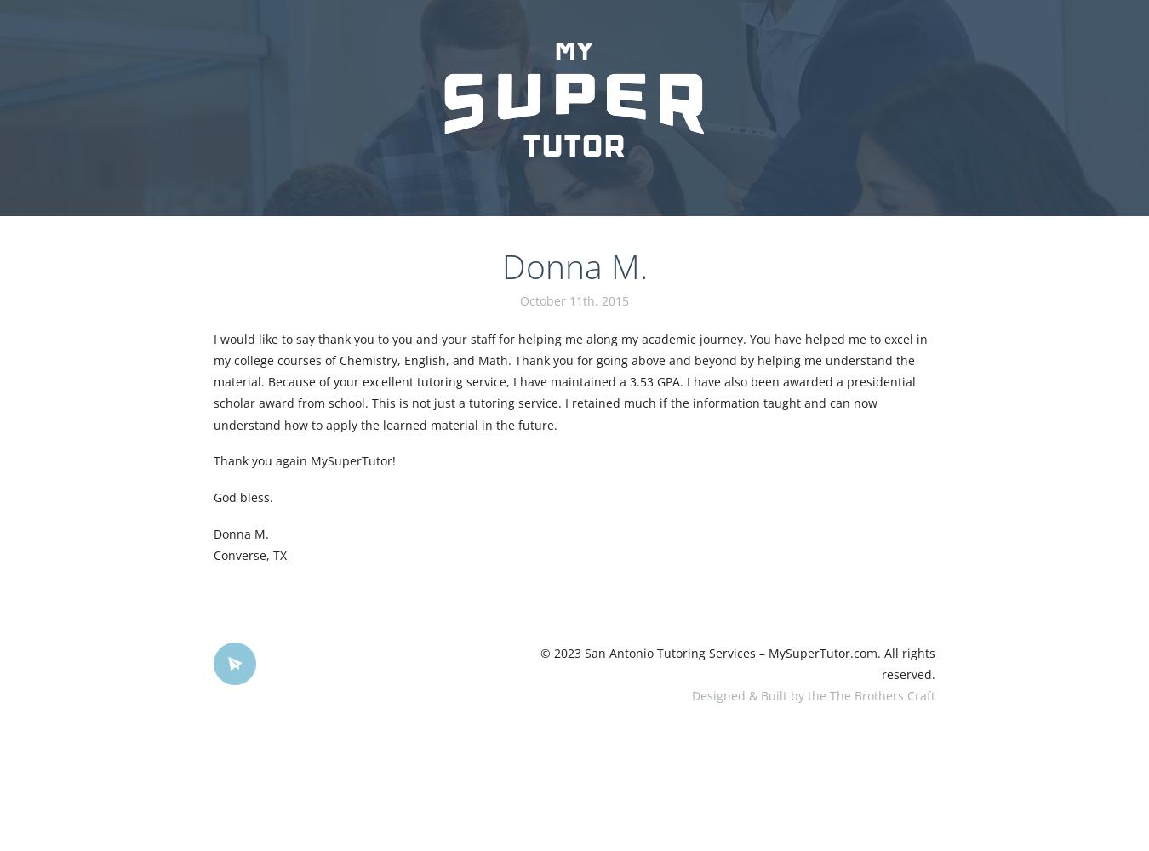 This screenshot has height=851, width=1149. What do you see at coordinates (241, 496) in the screenshot?
I see `'God bless.'` at bounding box center [241, 496].